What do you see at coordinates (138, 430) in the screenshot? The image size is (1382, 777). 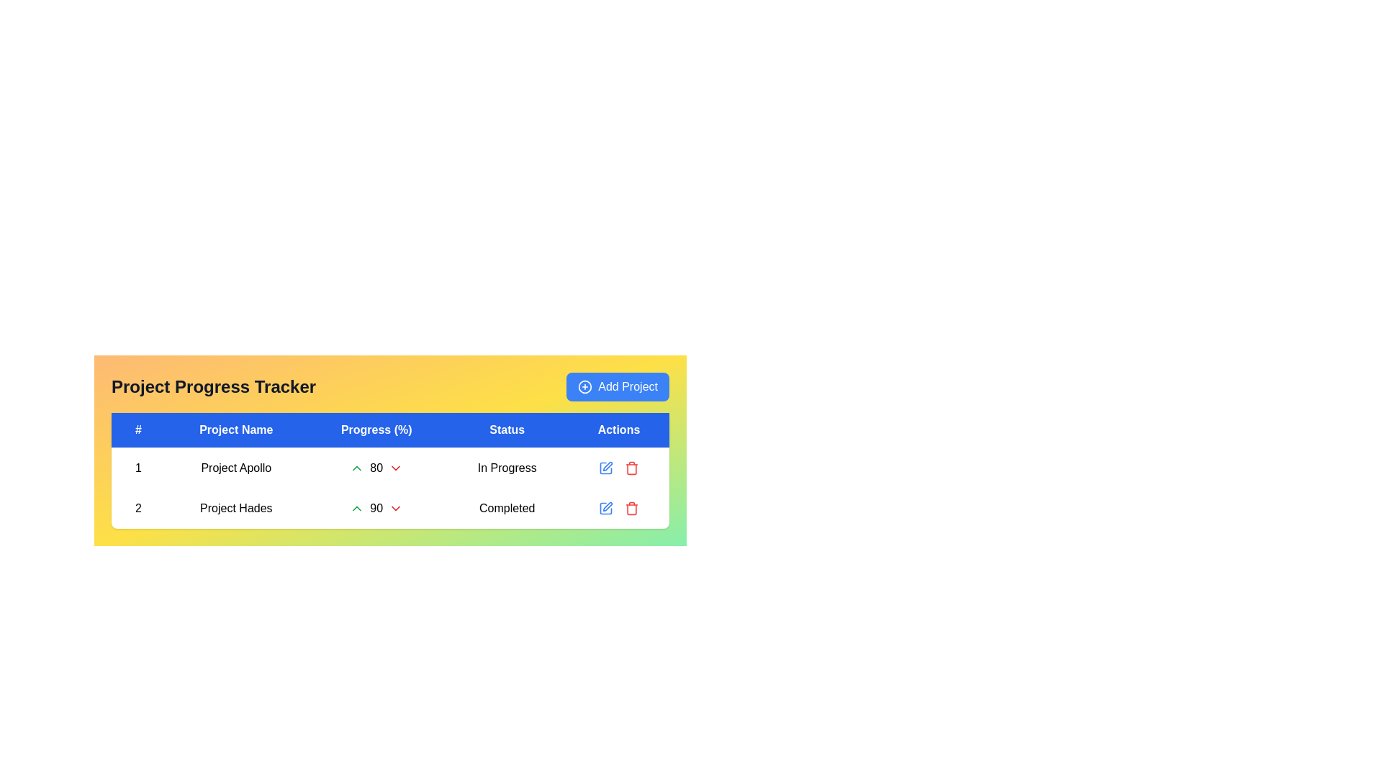 I see `header label of the table header cell located in the top left corner of the table, which contains the text '#' styled in white on a blue background` at bounding box center [138, 430].